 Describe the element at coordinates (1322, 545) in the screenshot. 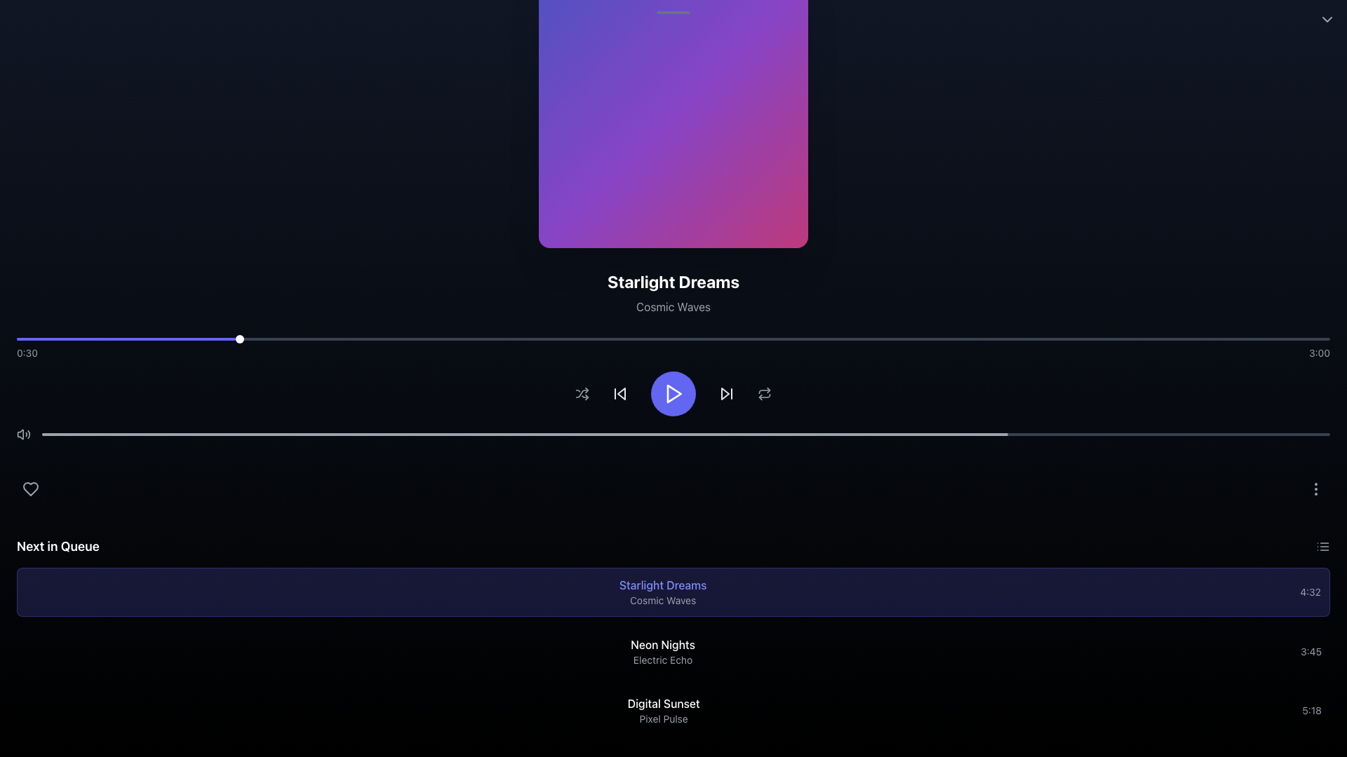

I see `the gray rectangular icon button resembling a horizontal list of three lines located in the top-right corner of the 'Next in Queue' section` at that location.